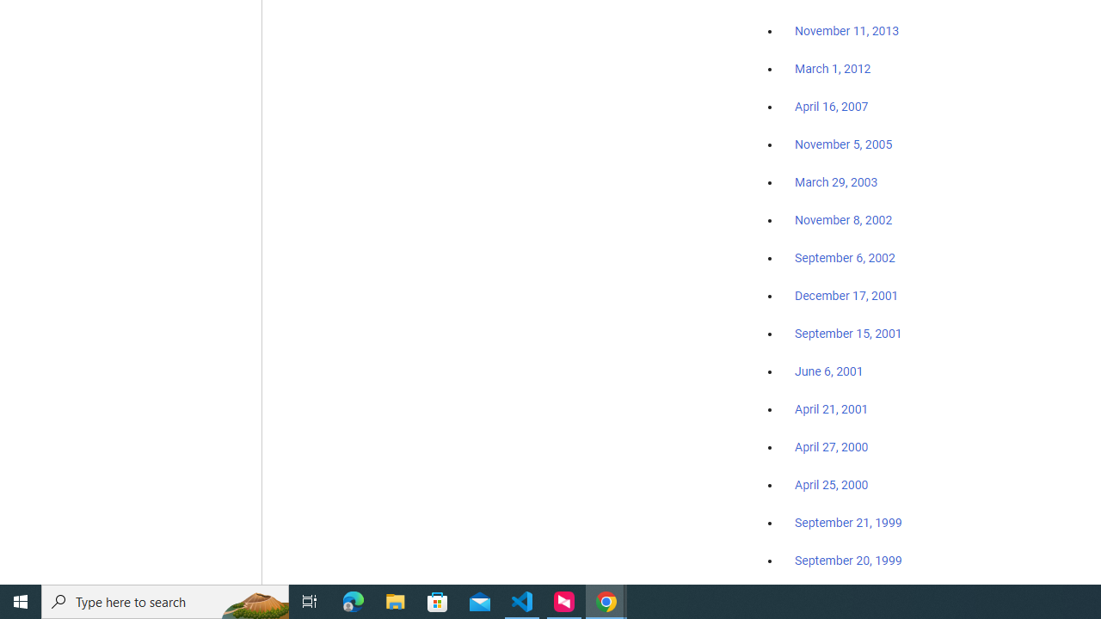 Image resolution: width=1101 pixels, height=619 pixels. I want to click on 'June 6, 2001', so click(828, 371).